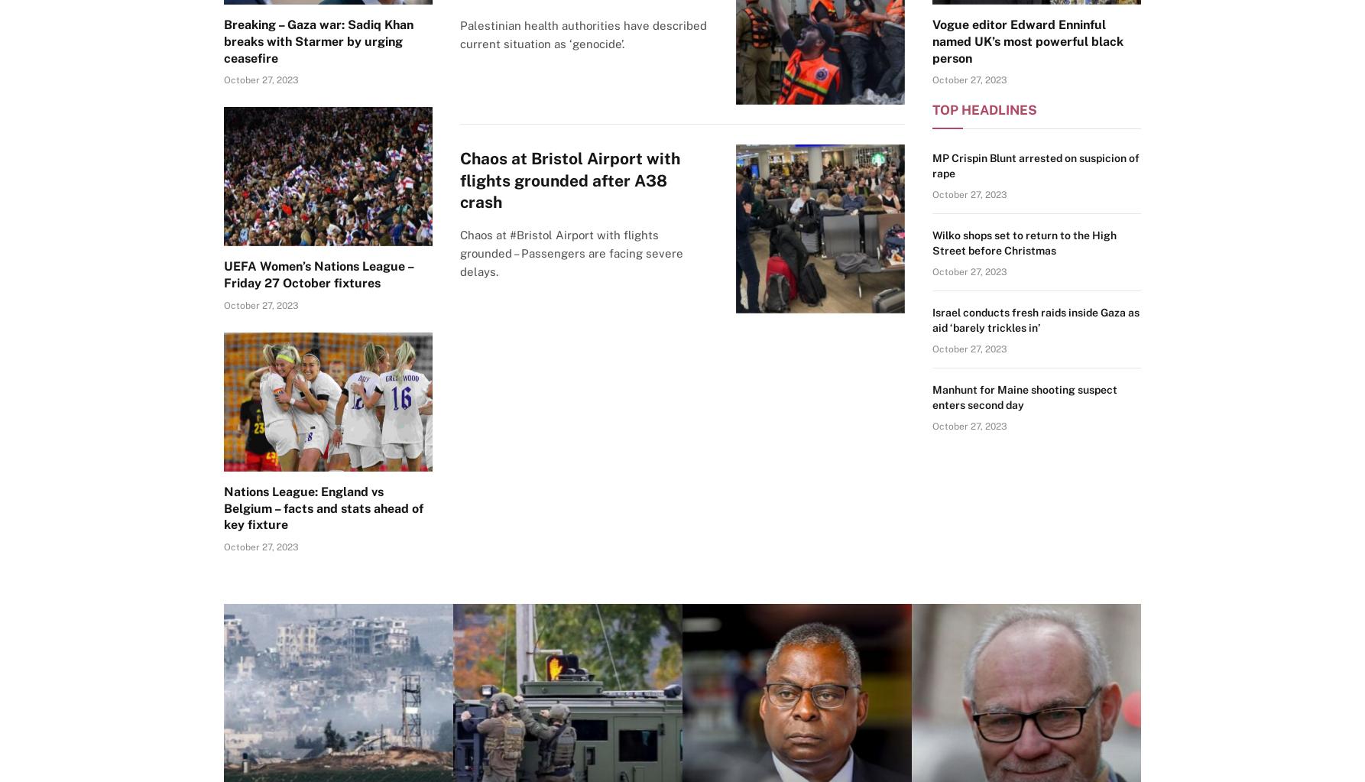  Describe the element at coordinates (569, 179) in the screenshot. I see `'Chaos at Bristol Airport with flights grounded after A38 crash'` at that location.